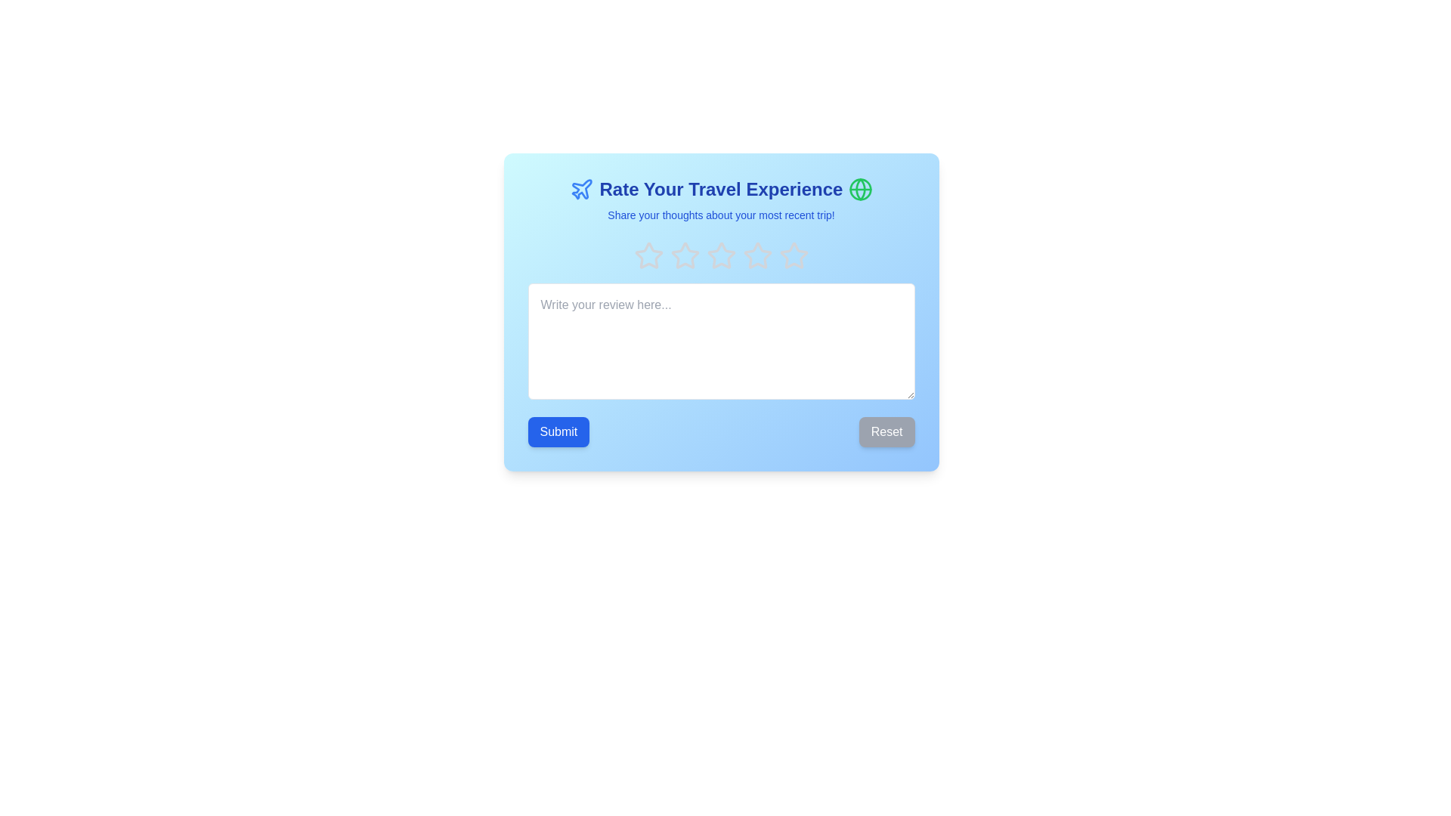 The image size is (1451, 816). I want to click on the text block element titled 'Rate Your Travel Experience' which features a blue plane icon on the left and a green globe icon on the right, along with the subtitle 'Share your thoughts about your most recent trip!', so click(720, 199).